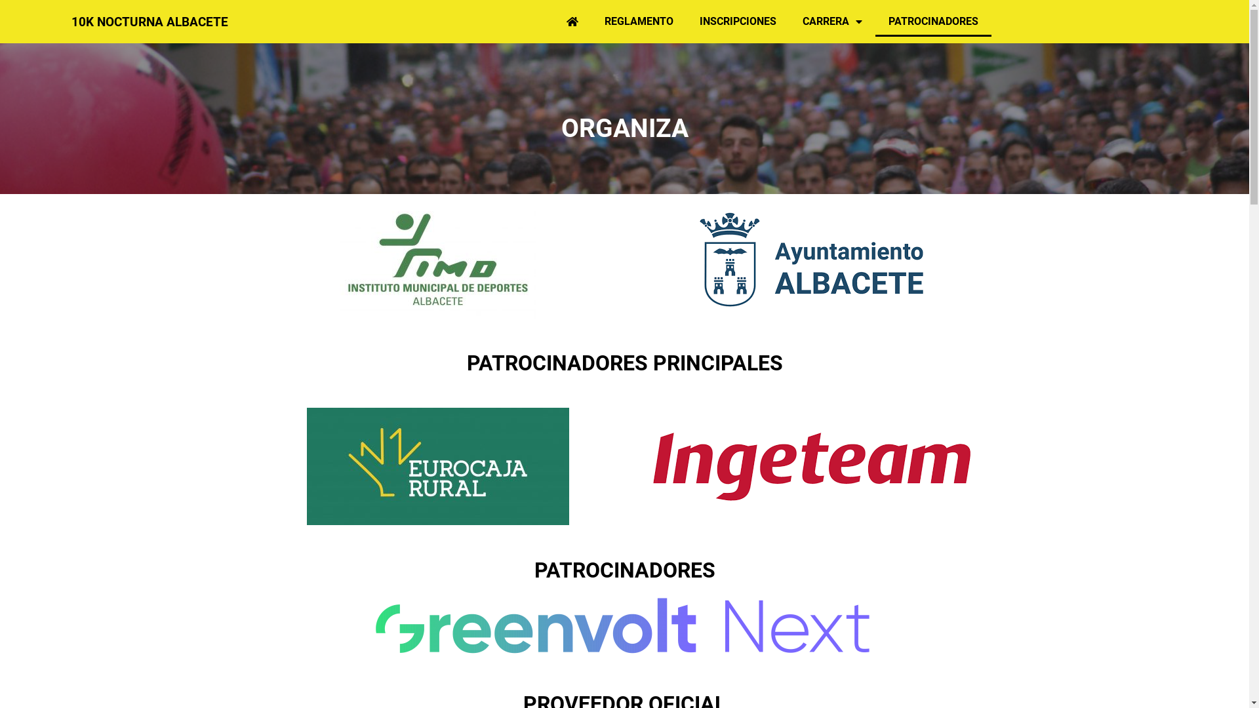 This screenshot has height=708, width=1259. Describe the element at coordinates (591, 22) in the screenshot. I see `'REGLAMENTO'` at that location.